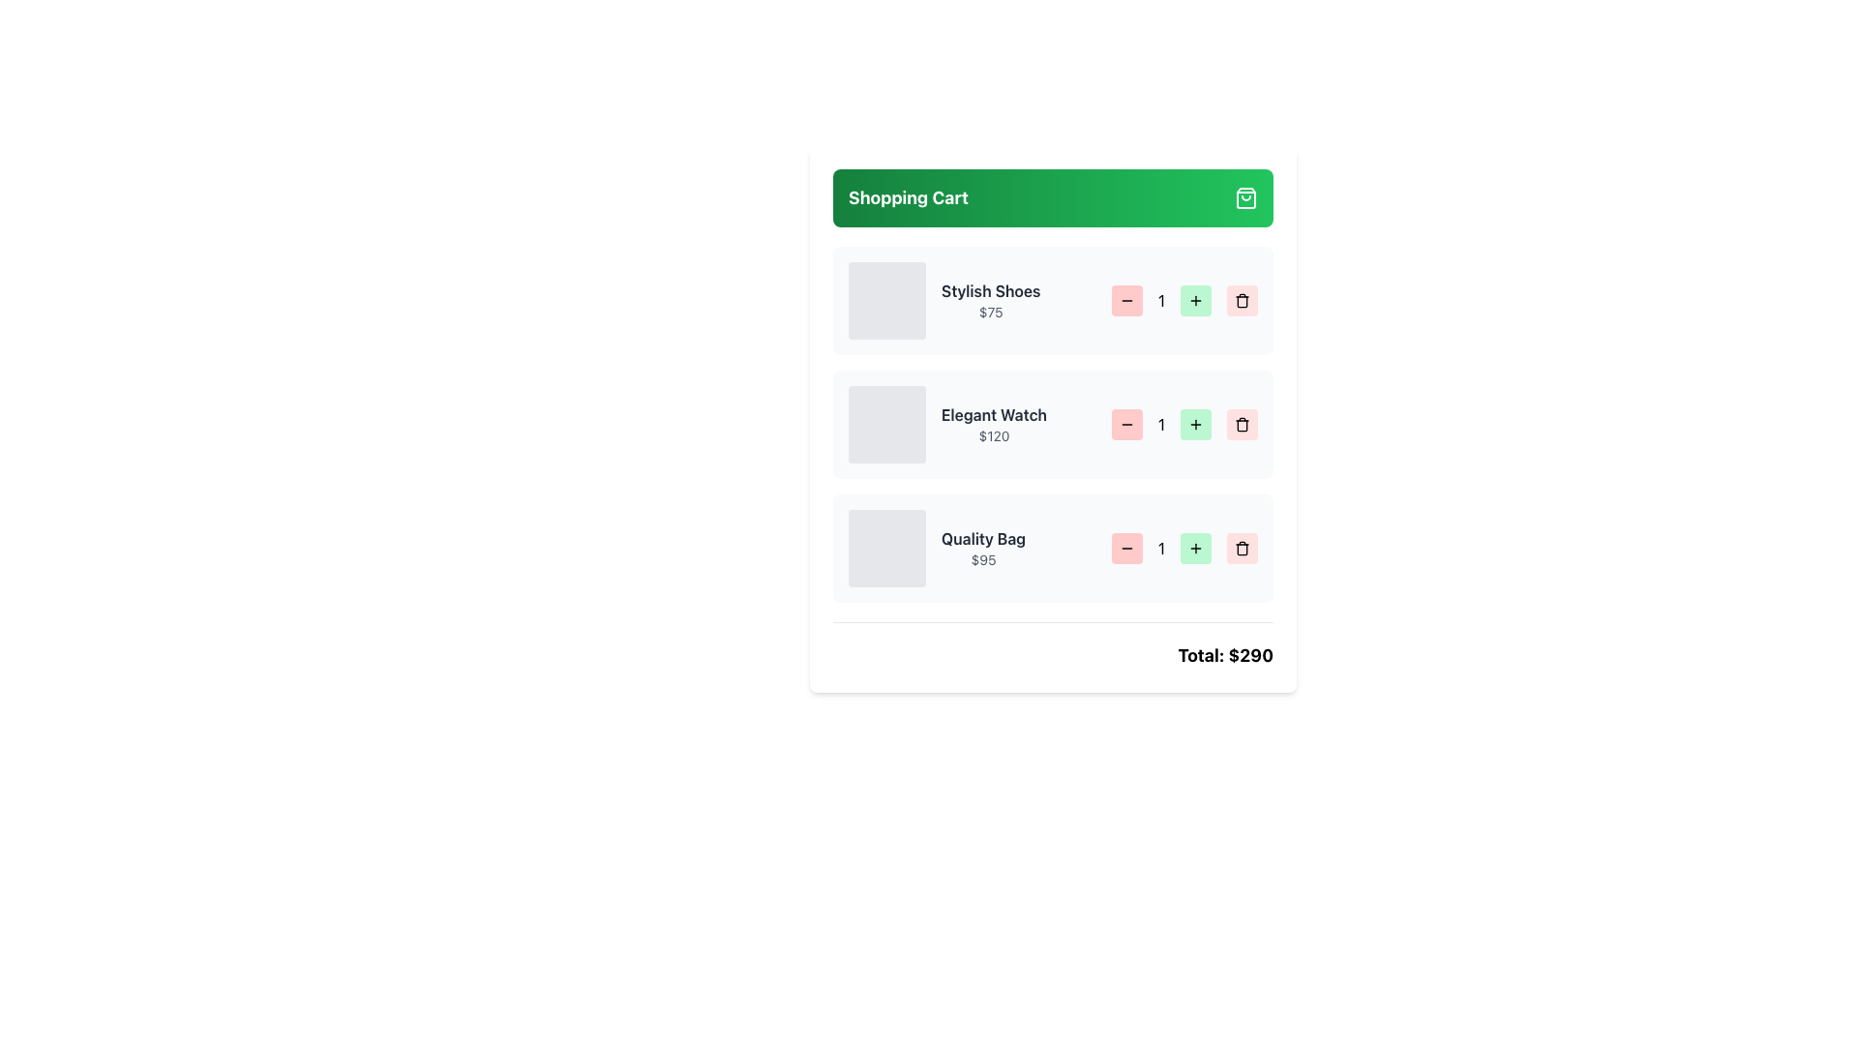 This screenshot has width=1858, height=1045. What do you see at coordinates (1195, 301) in the screenshot?
I see `the green circular button with a plus icon in the center to increase the quantity in the shopping cart` at bounding box center [1195, 301].